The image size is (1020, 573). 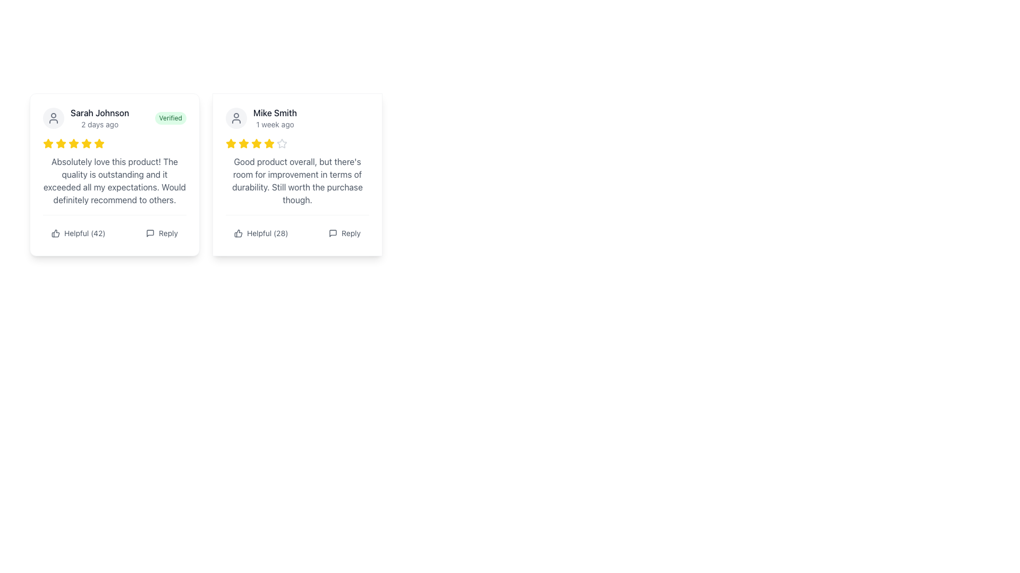 I want to click on user's name 'Mike Smith' and timestamp '1 week ago' from the text block located in the upper-left section of the white card, next to the user's avatar, so click(x=261, y=118).